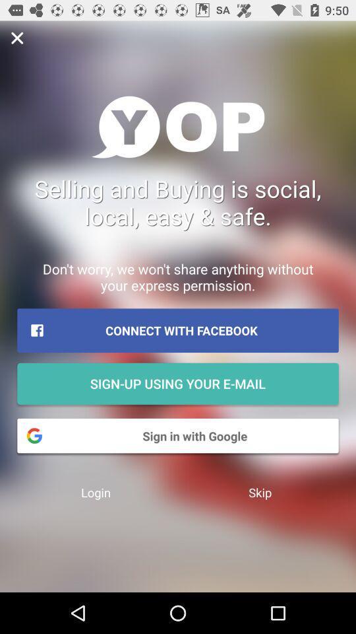 This screenshot has height=634, width=356. Describe the element at coordinates (16, 37) in the screenshot. I see `button` at that location.